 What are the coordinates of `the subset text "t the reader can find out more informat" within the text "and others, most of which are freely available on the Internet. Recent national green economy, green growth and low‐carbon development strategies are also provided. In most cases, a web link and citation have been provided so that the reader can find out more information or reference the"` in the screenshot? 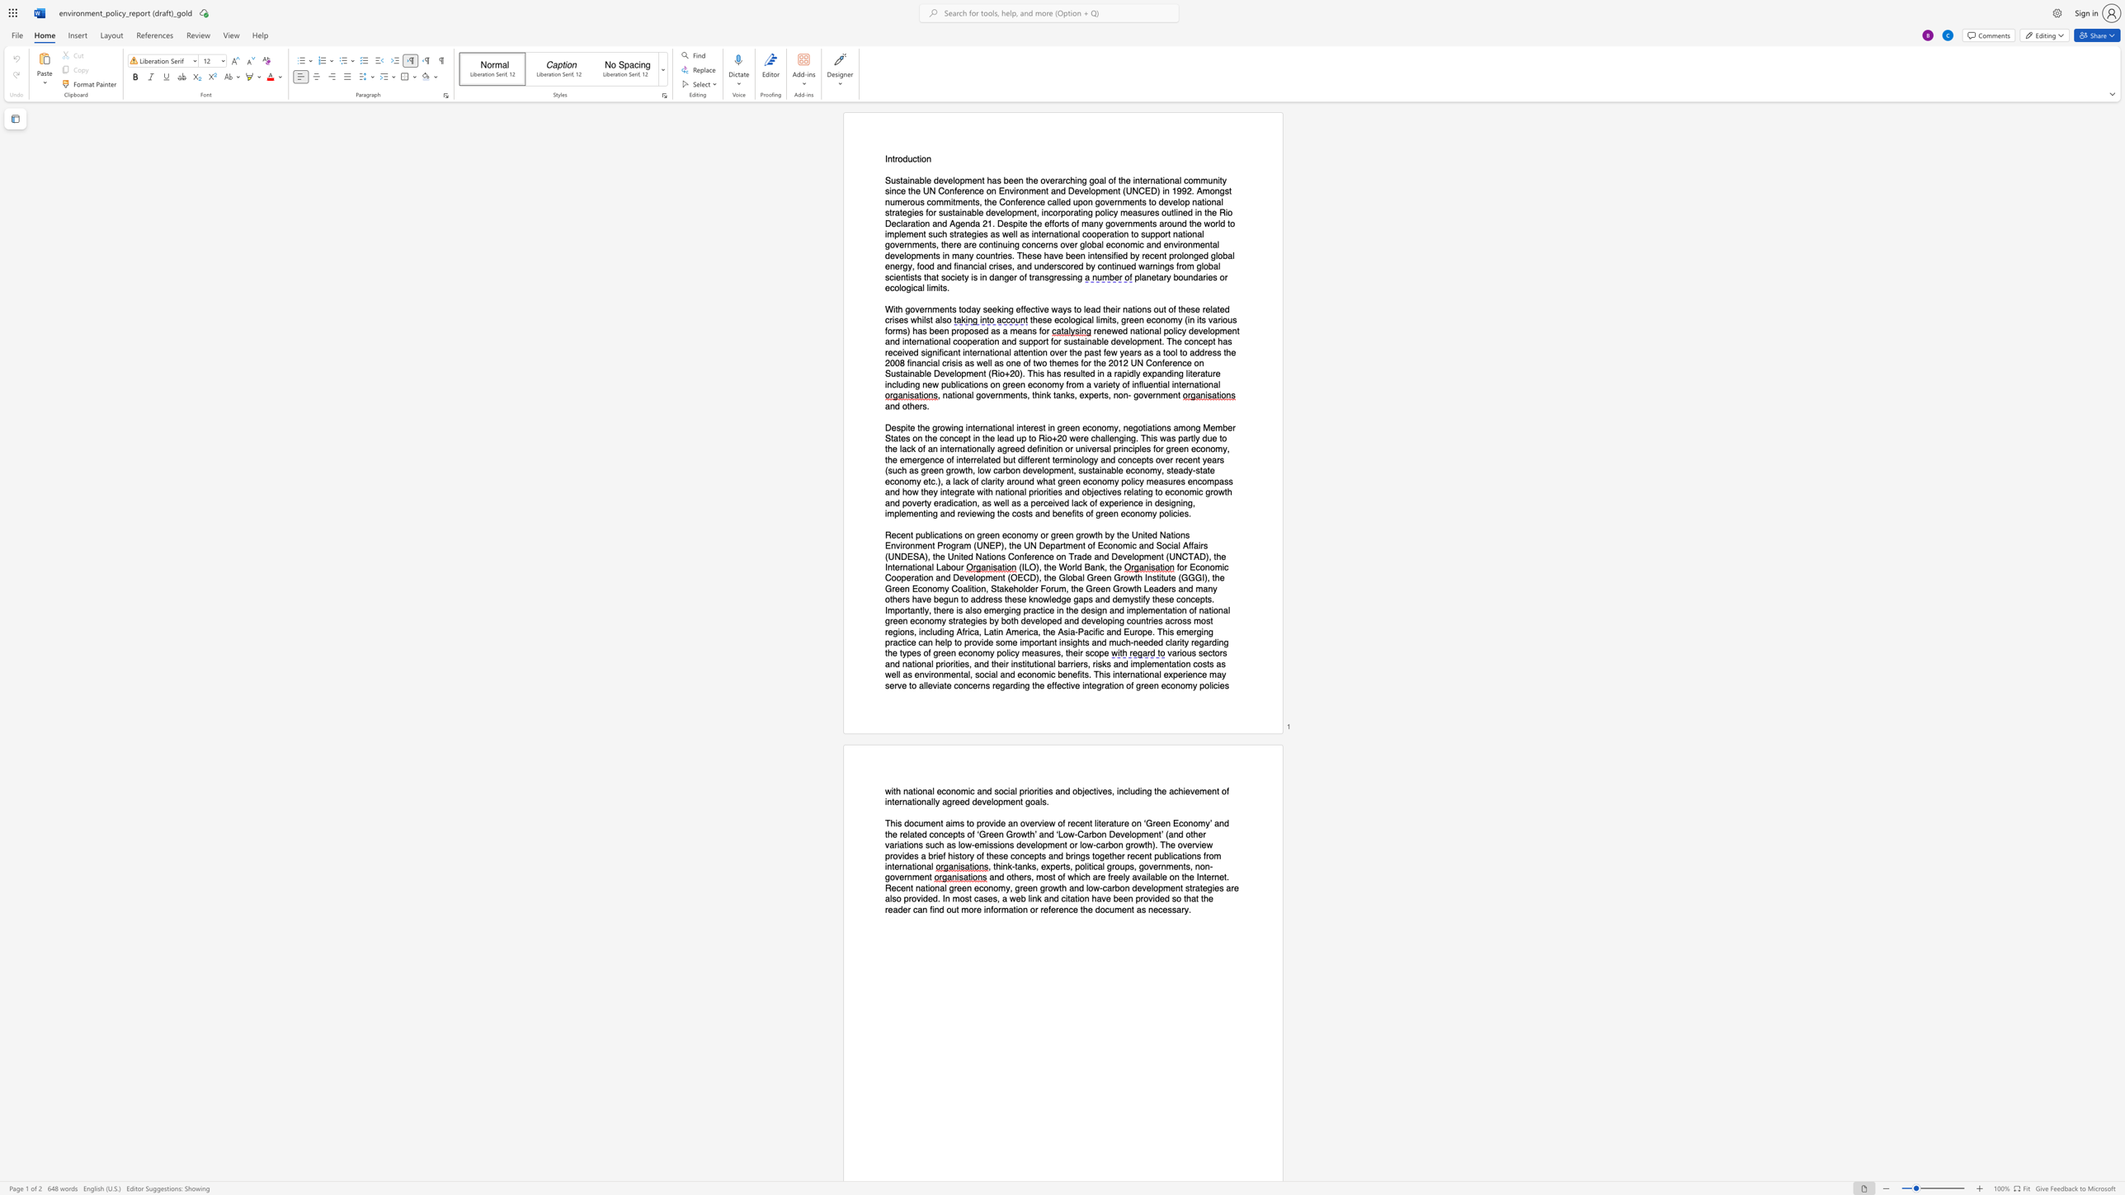 It's located at (1195, 898).